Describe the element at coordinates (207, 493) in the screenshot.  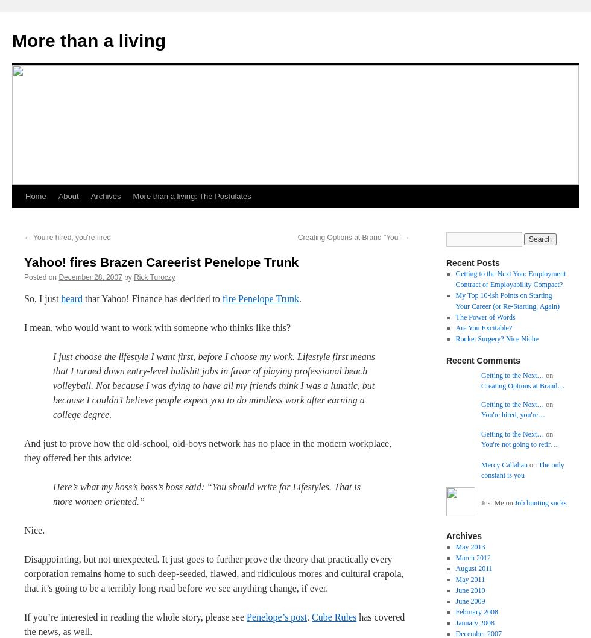
I see `'Here’s what my boss’s boss’s boss said: “You should write for Lifestyles. That is more women oriented.”'` at that location.